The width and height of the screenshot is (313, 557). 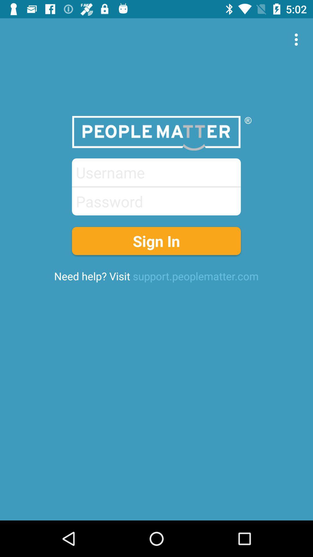 What do you see at coordinates (156, 276) in the screenshot?
I see `the need help visit icon` at bounding box center [156, 276].